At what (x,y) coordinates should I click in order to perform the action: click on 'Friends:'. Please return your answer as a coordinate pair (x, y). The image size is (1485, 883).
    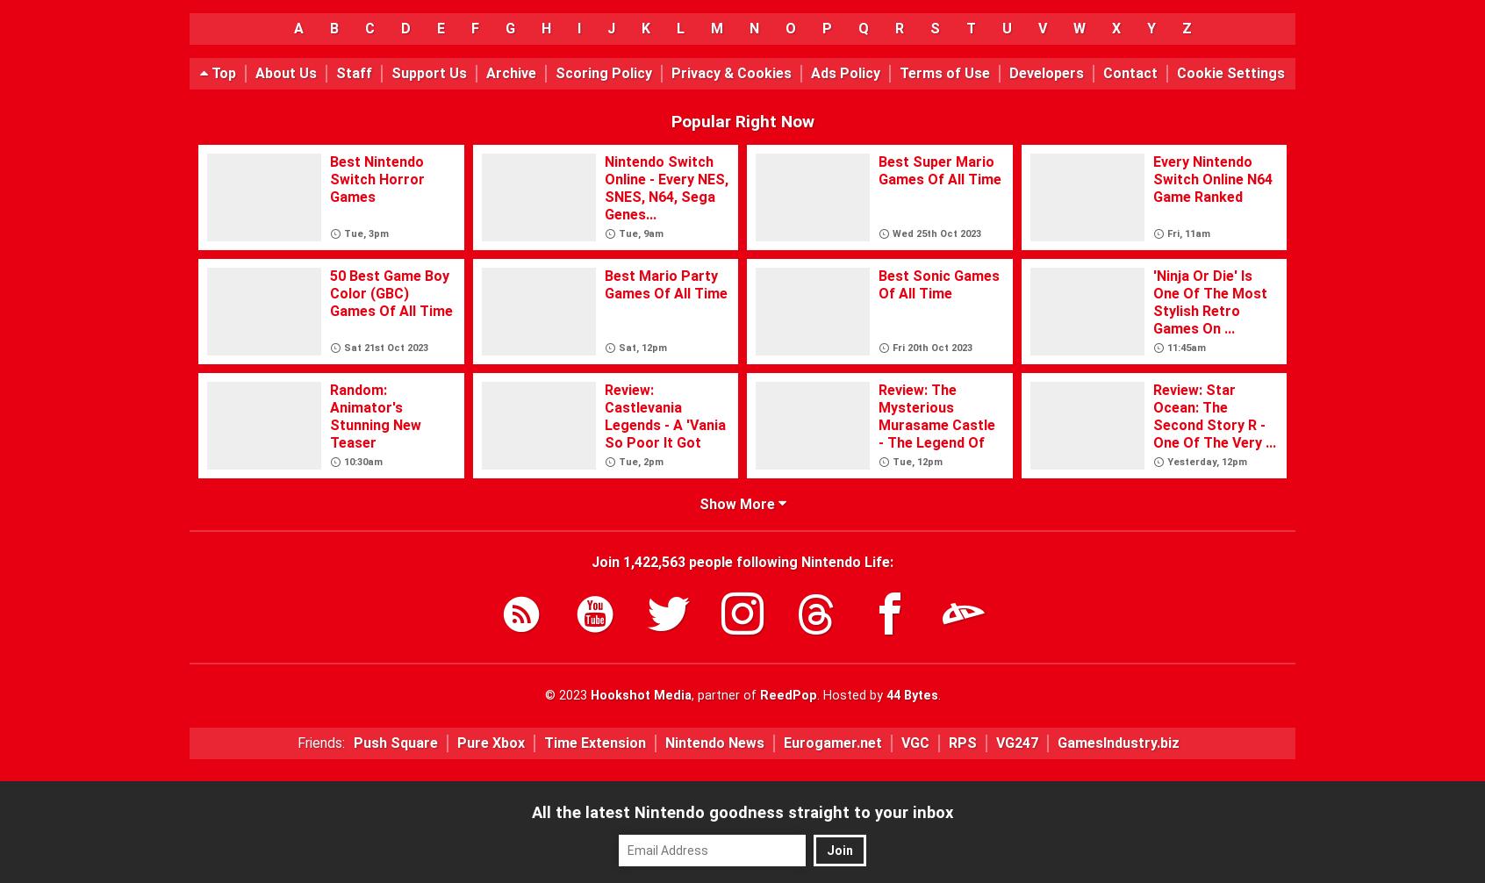
    Looking at the image, I should click on (319, 741).